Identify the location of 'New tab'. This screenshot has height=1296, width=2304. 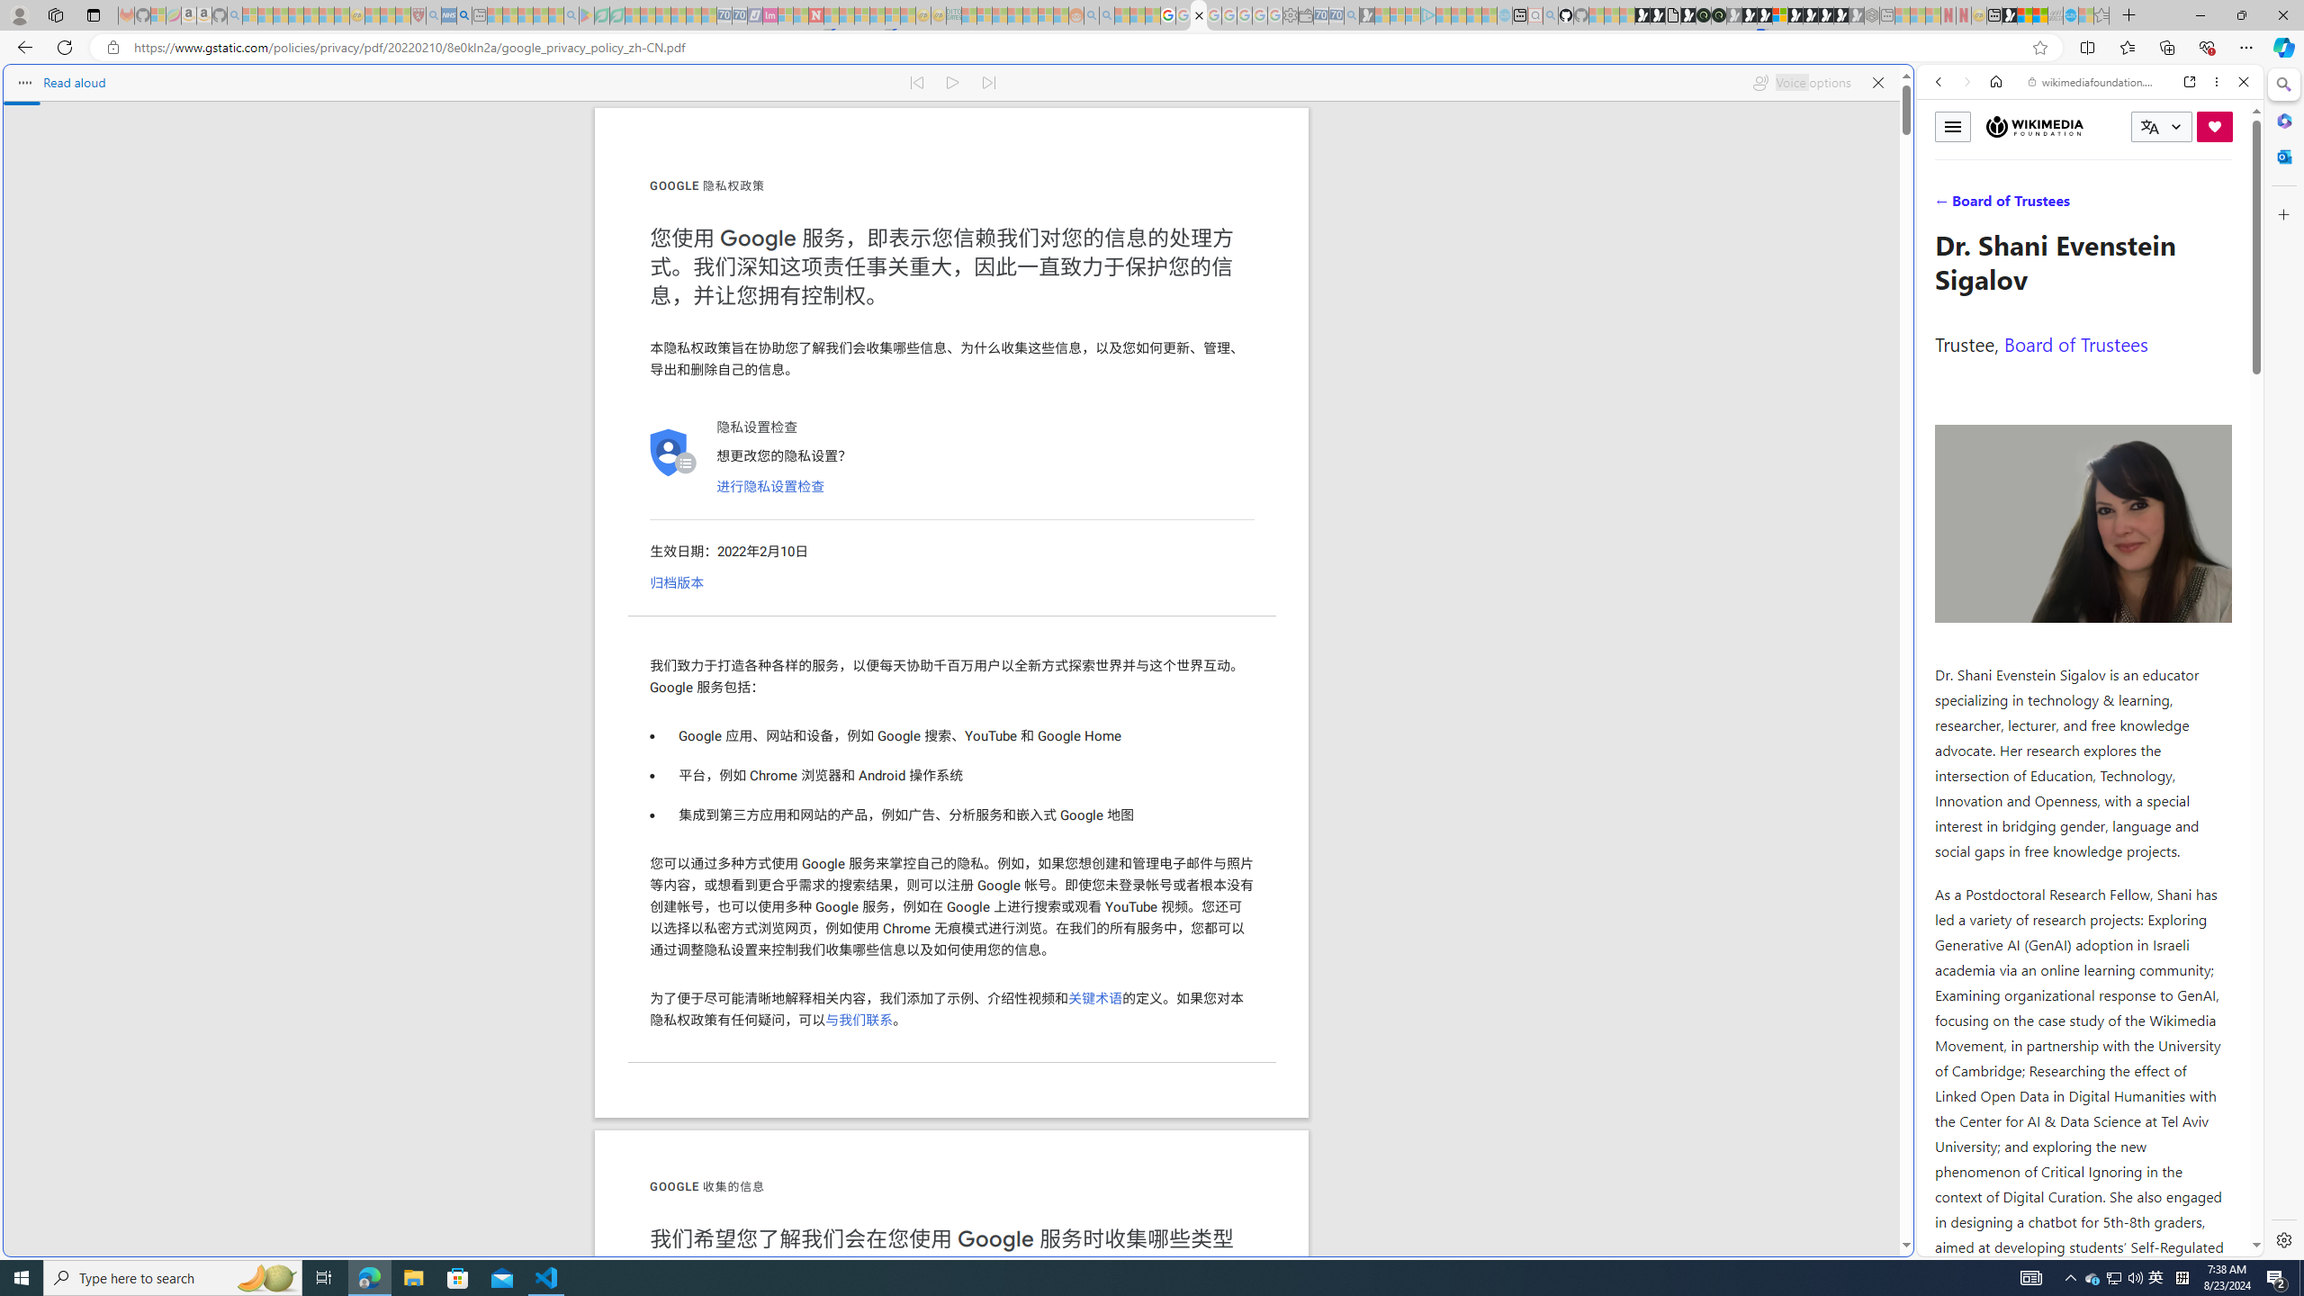
(1993, 14).